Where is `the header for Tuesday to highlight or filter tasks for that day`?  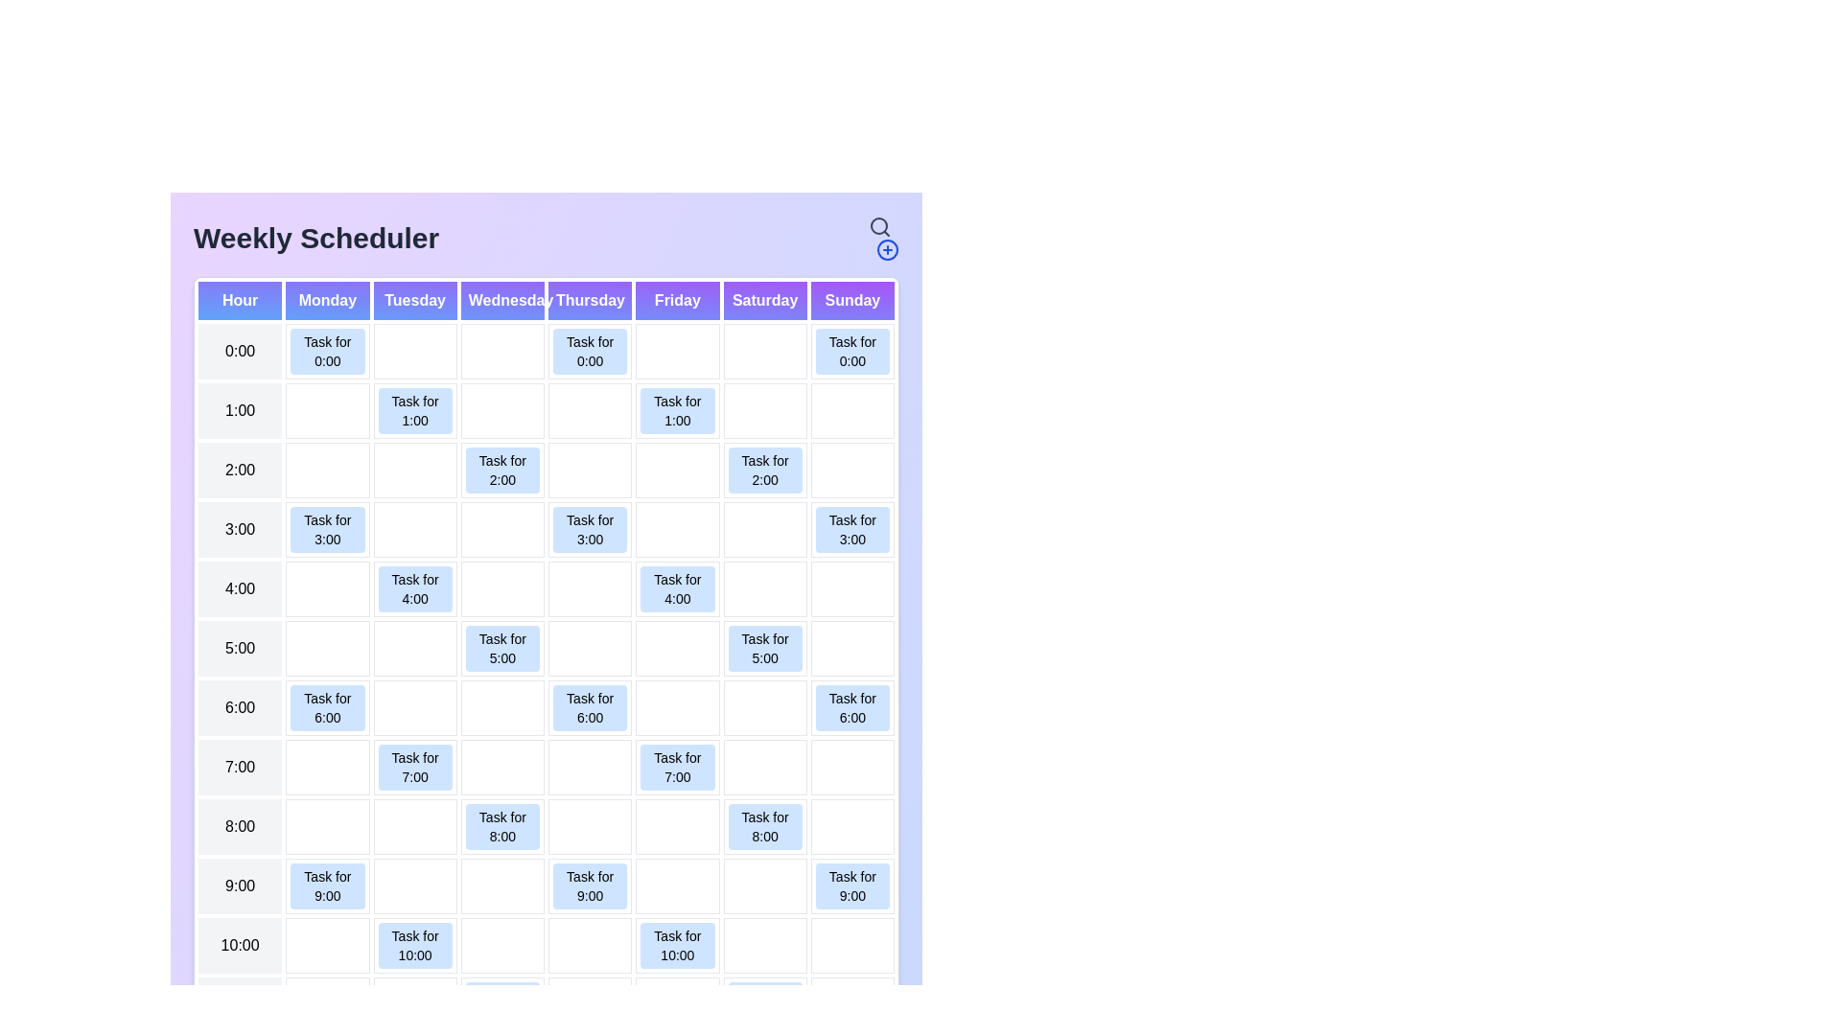 the header for Tuesday to highlight or filter tasks for that day is located at coordinates (414, 300).